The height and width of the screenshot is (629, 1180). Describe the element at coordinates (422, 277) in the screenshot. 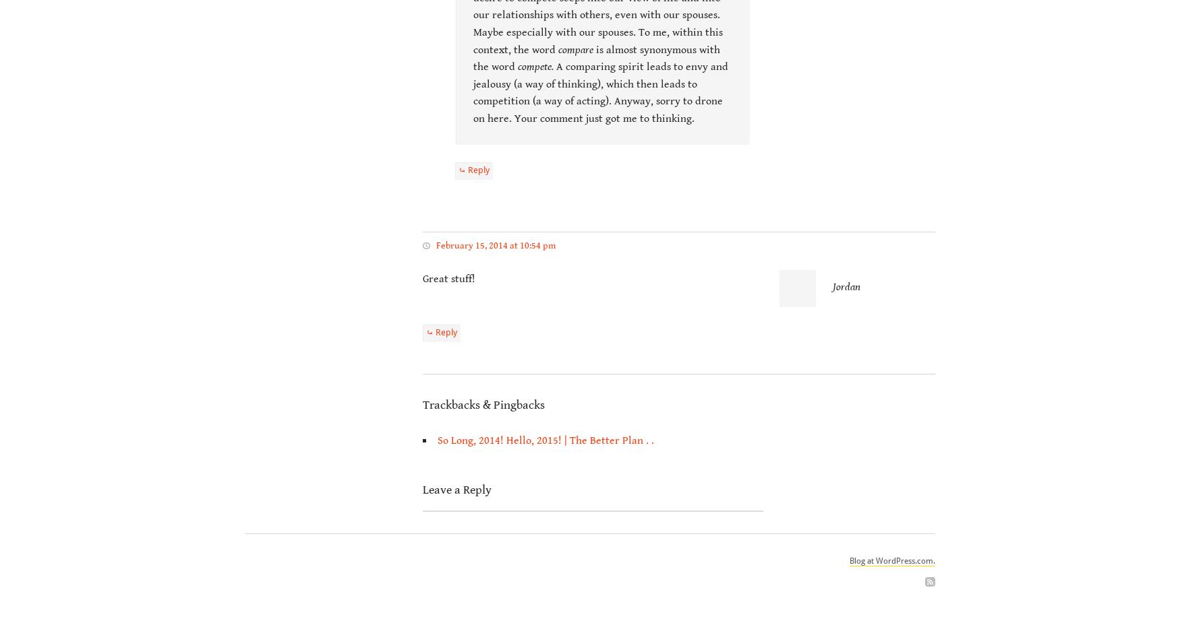

I see `'Great stuff!'` at that location.